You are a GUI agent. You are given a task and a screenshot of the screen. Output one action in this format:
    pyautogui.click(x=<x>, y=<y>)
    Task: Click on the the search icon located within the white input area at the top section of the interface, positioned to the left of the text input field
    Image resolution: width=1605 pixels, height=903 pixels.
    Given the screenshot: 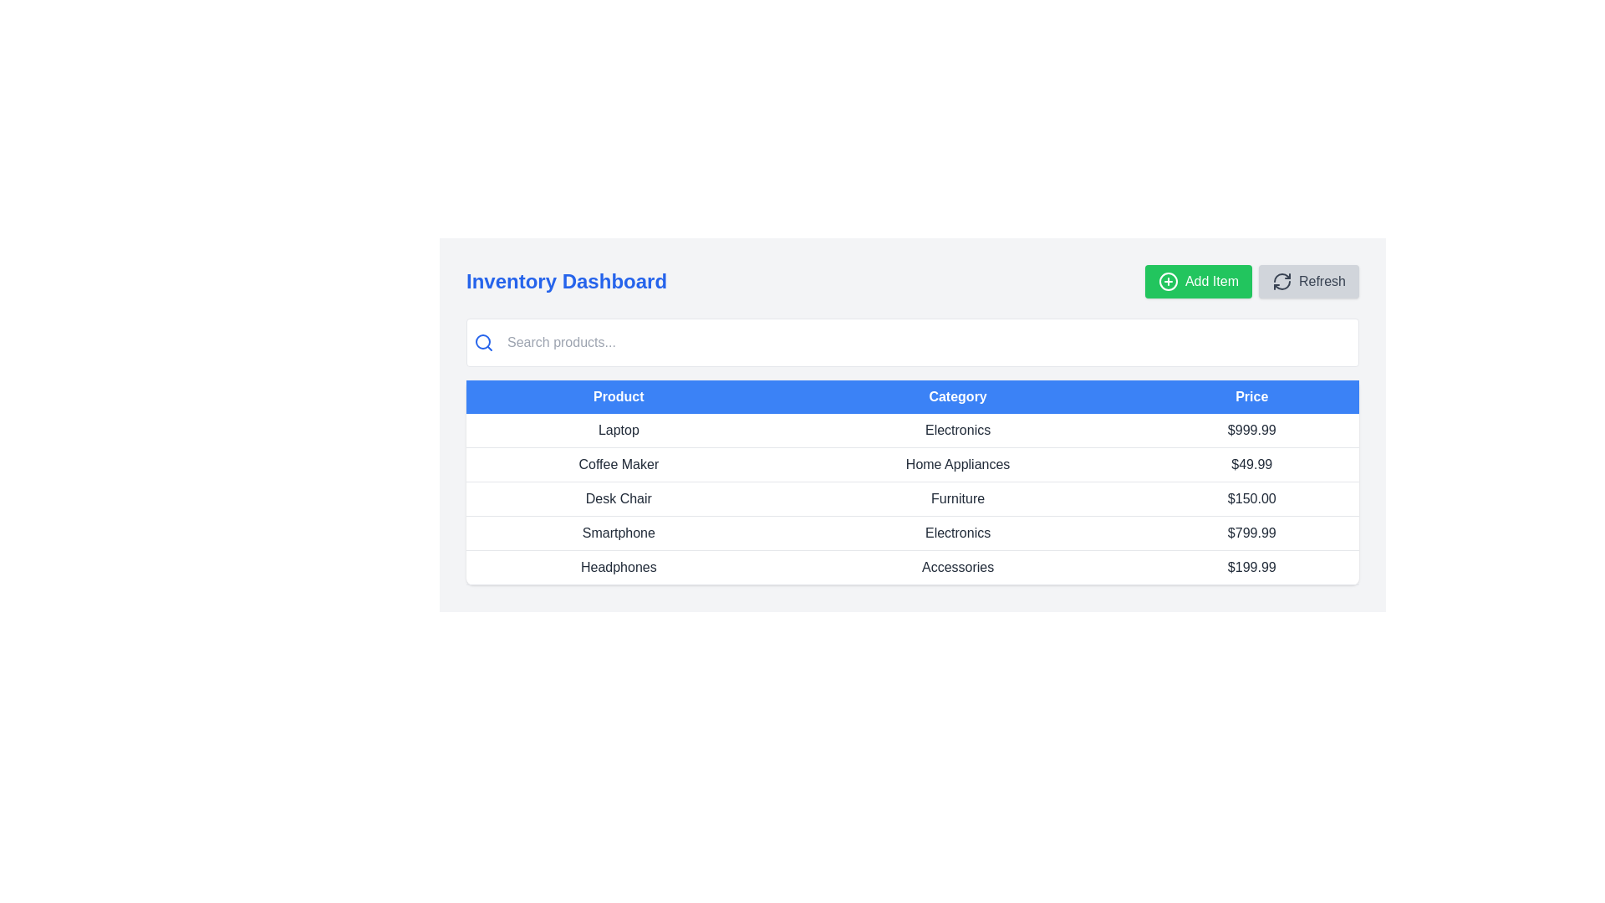 What is the action you would take?
    pyautogui.click(x=483, y=341)
    